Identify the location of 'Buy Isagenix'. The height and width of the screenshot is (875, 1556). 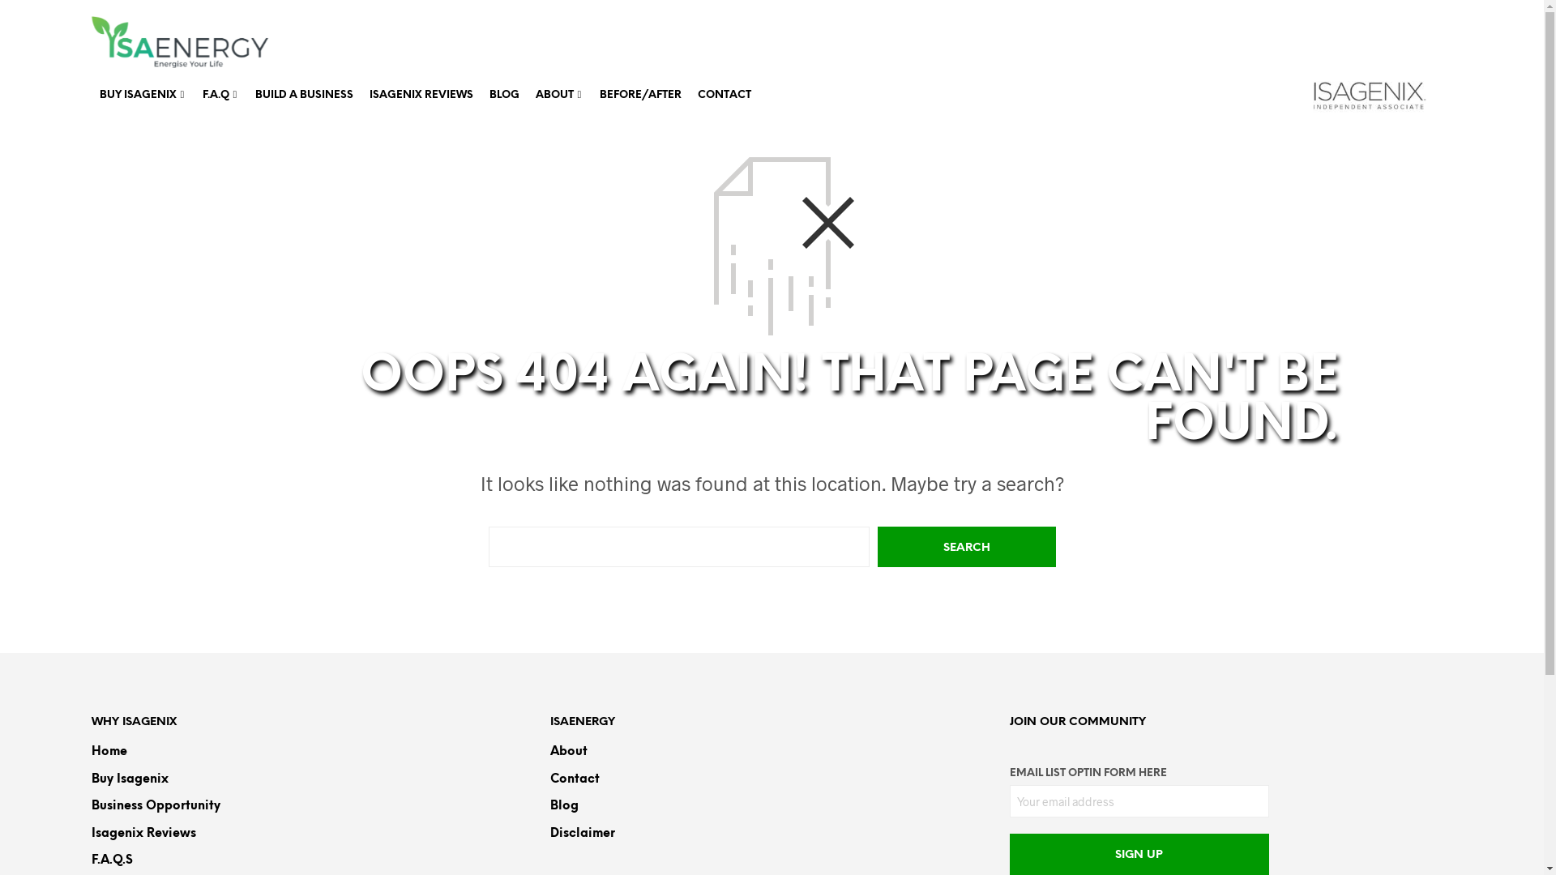
(128, 778).